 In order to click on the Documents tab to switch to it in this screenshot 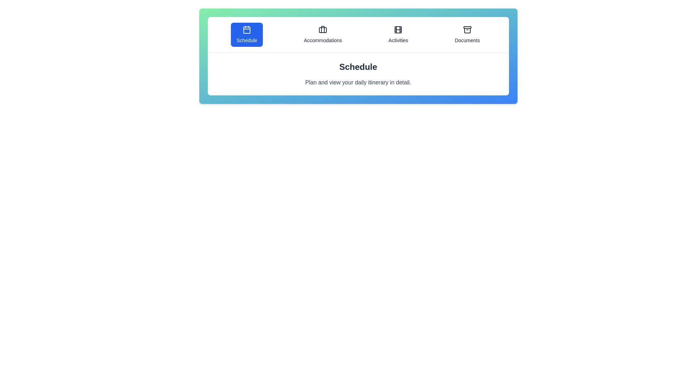, I will do `click(467, 34)`.